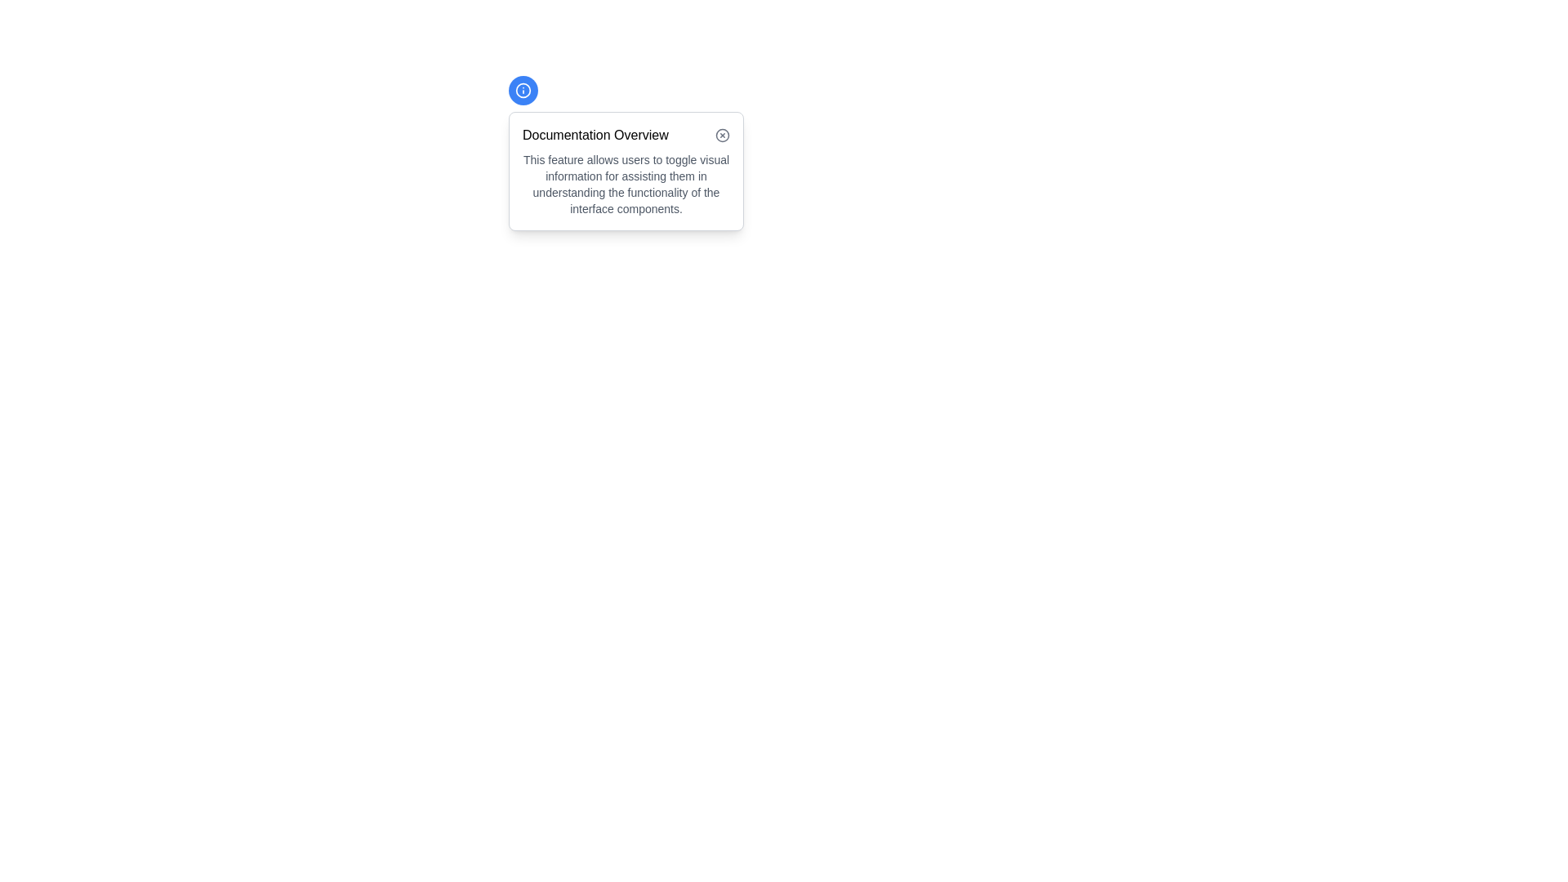 The image size is (1568, 882). Describe the element at coordinates (626, 134) in the screenshot. I see `the Title Label of the tooltip-style popup, which summarizes the content below and indicates the popup's purpose` at that location.